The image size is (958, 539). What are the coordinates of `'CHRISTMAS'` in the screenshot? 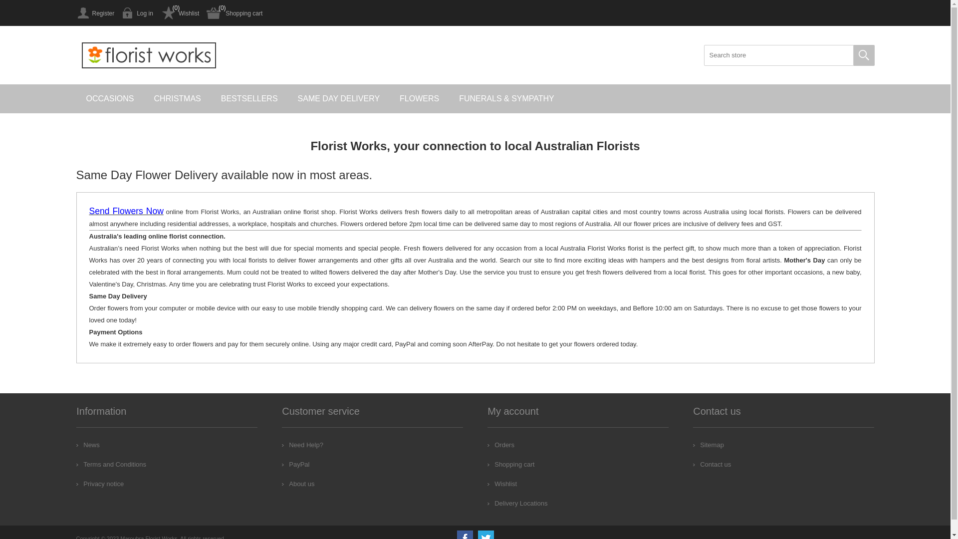 It's located at (177, 98).